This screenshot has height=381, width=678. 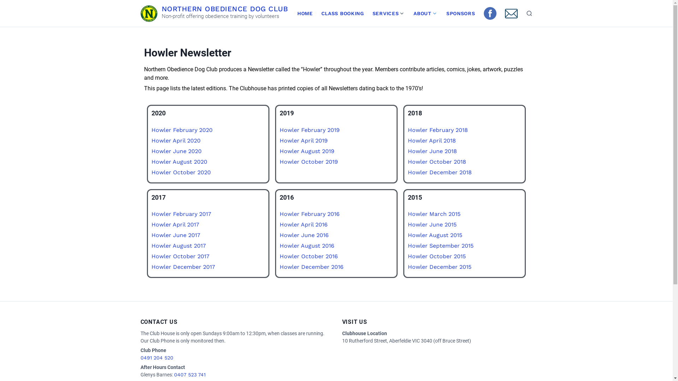 I want to click on 'Howler April 2016', so click(x=303, y=224).